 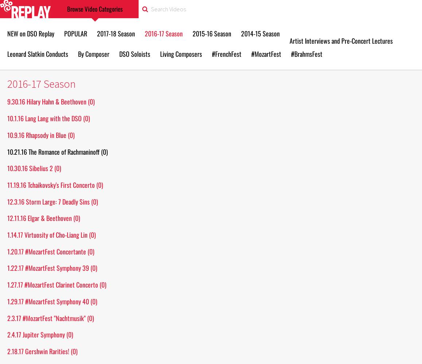 What do you see at coordinates (41, 134) in the screenshot?
I see `'10.9.16 Rhapsody in Blue (0)'` at bounding box center [41, 134].